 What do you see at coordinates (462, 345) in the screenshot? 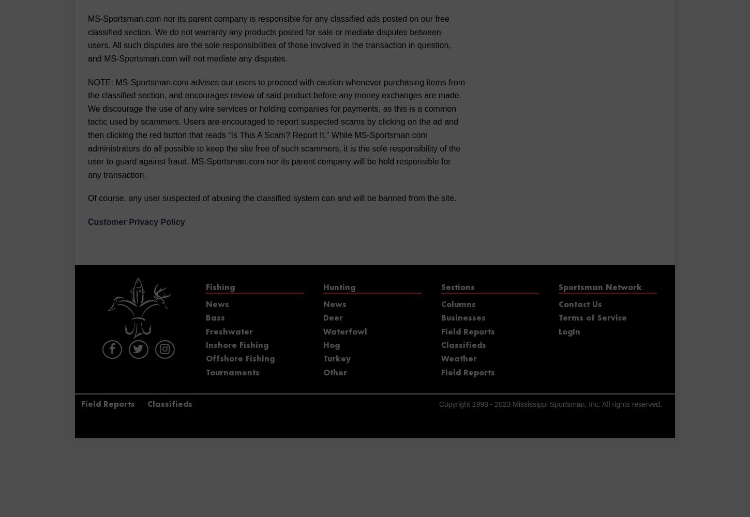
I see `'Classifieds'` at bounding box center [462, 345].